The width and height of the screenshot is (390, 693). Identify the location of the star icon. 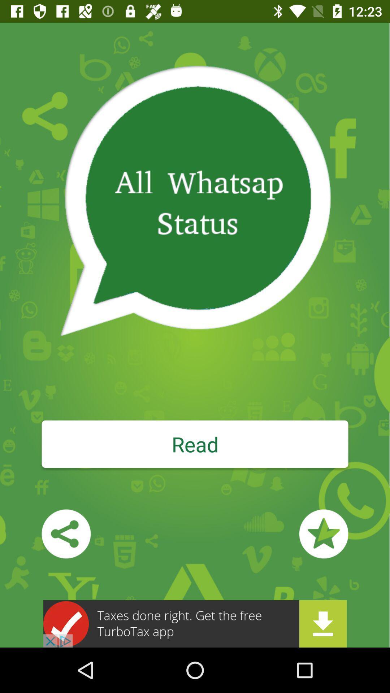
(323, 534).